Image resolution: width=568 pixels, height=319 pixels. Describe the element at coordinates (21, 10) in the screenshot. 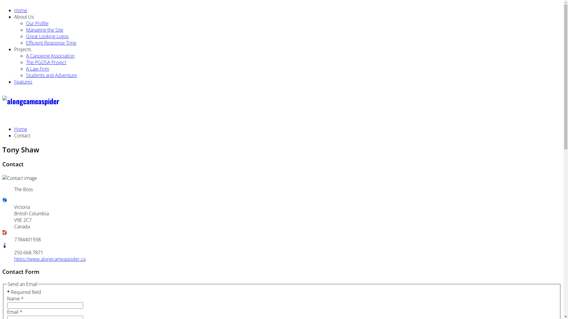

I see `'Home'` at that location.